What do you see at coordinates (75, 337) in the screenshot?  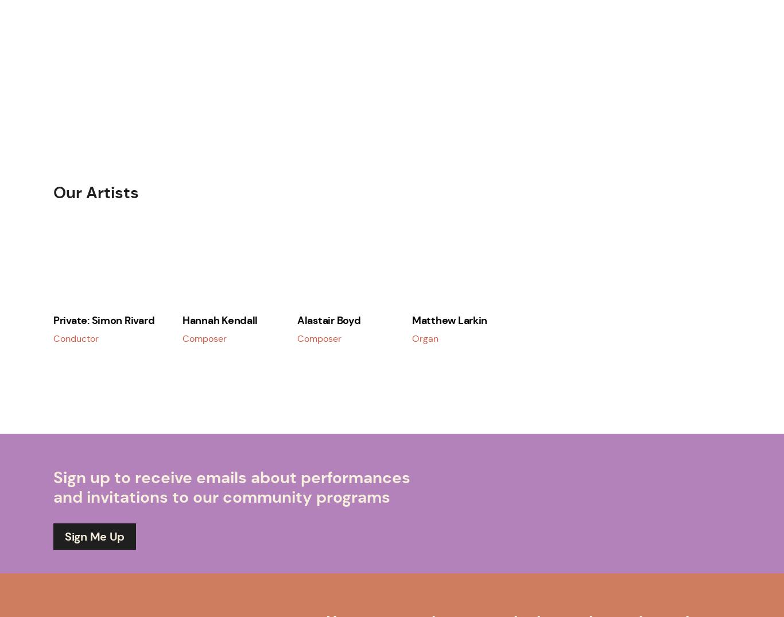 I see `'Conductor'` at bounding box center [75, 337].